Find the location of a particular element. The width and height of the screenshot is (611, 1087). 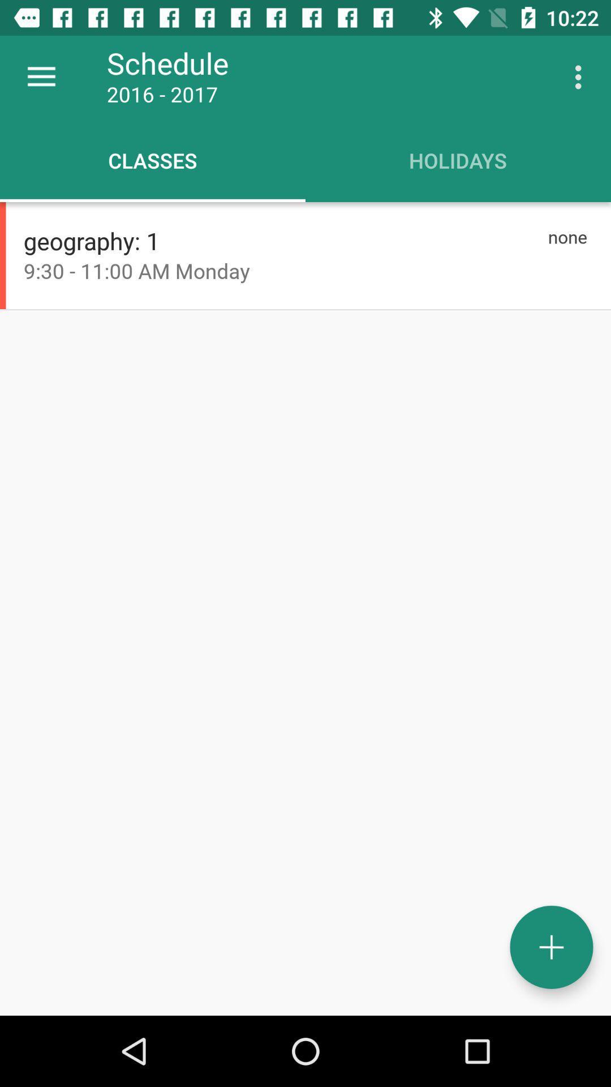

item above none item is located at coordinates (581, 76).